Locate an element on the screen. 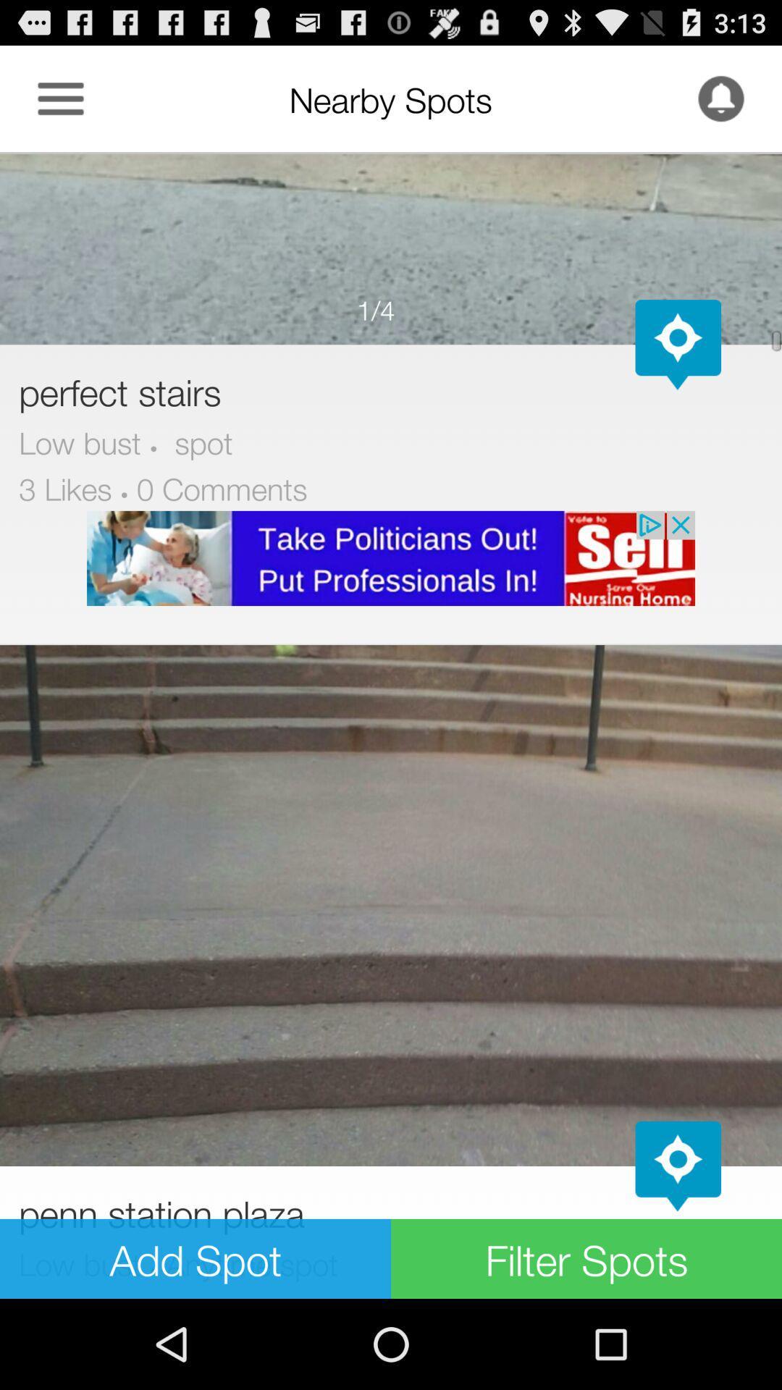  check out the advertisement is located at coordinates (391, 557).